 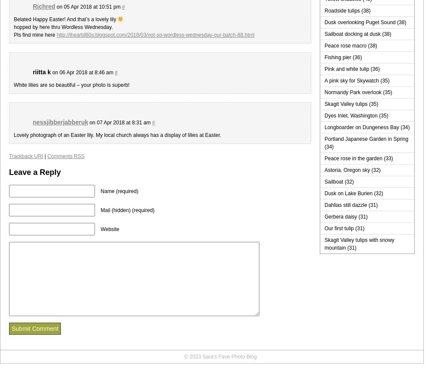 I want to click on 'Lovely photograph of an Easter lily. My local church always has a display of lilies at Easter.', so click(x=117, y=135).